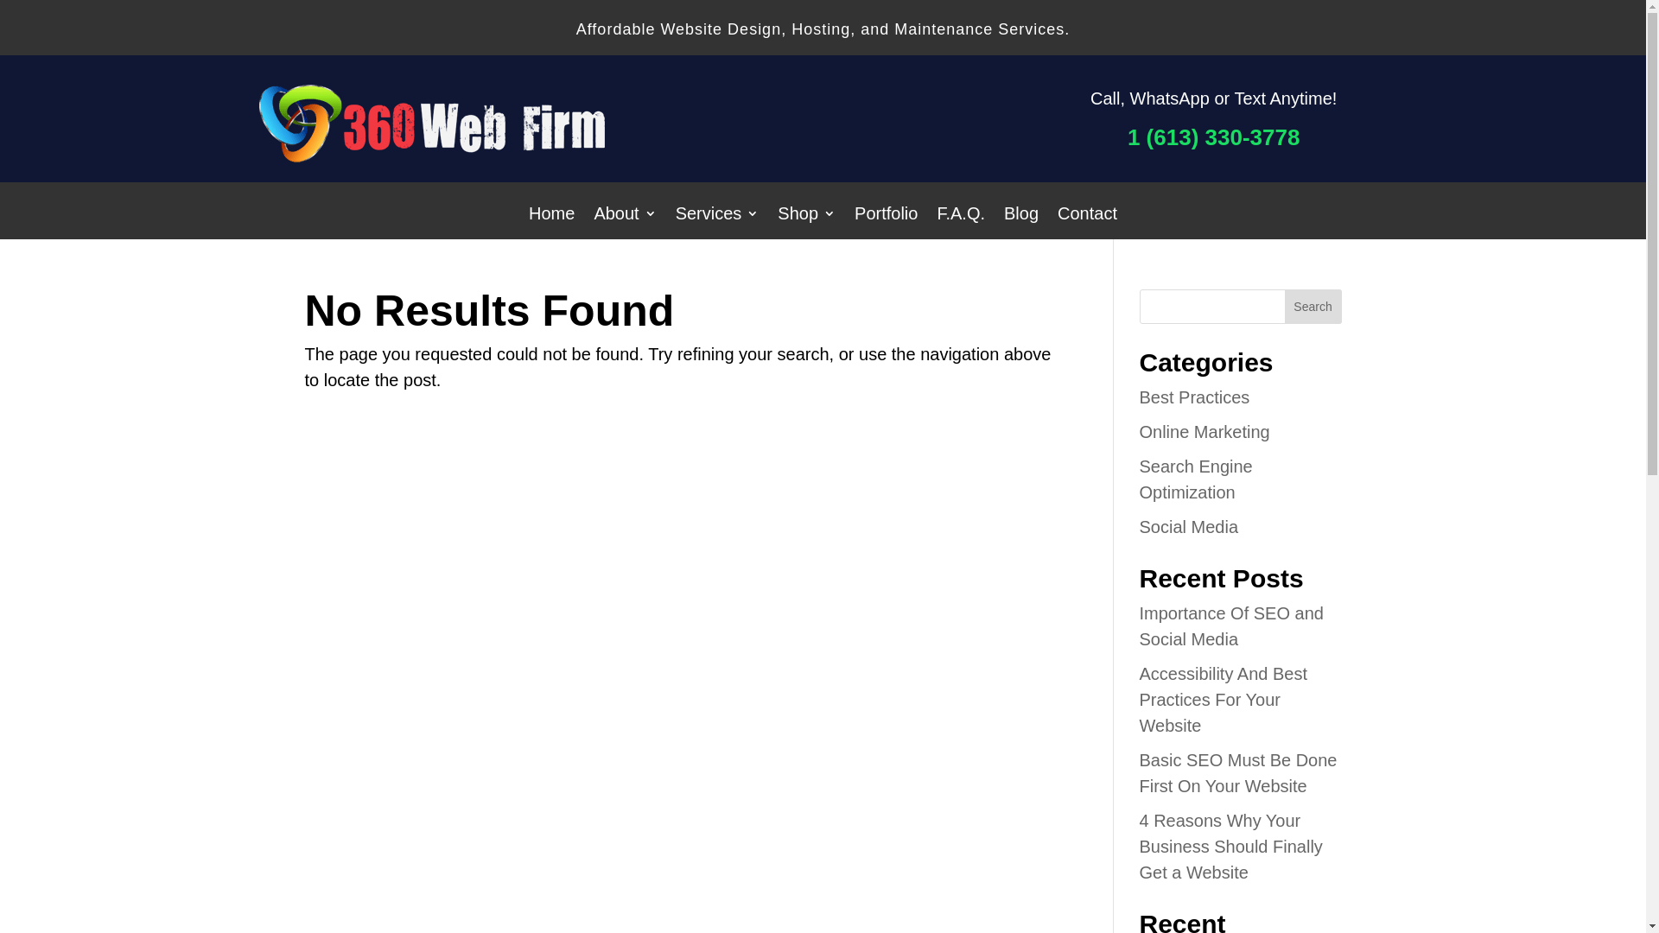 This screenshot has width=1659, height=933. I want to click on 'Search Engine Optimization', so click(1139, 479).